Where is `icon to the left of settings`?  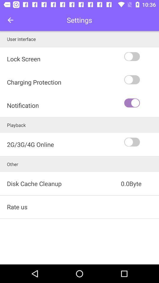
icon to the left of settings is located at coordinates (10, 20).